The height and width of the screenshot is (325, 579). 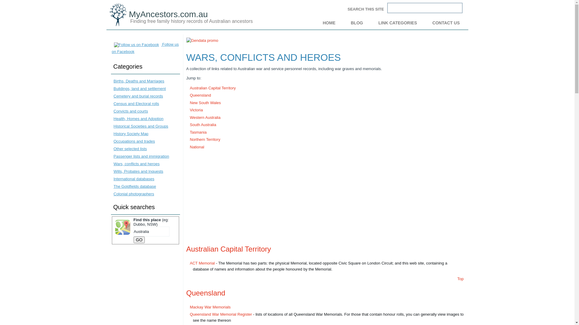 I want to click on 'Follow us on Facebook', so click(x=145, y=48).